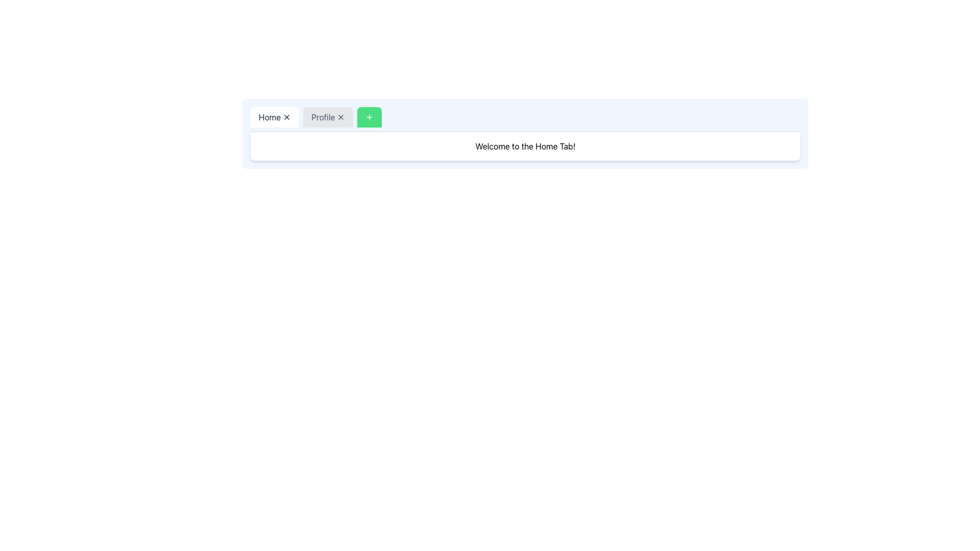  Describe the element at coordinates (341, 117) in the screenshot. I see `the close button for the 'Profile' tab located in the top navigation bar to change its color` at that location.